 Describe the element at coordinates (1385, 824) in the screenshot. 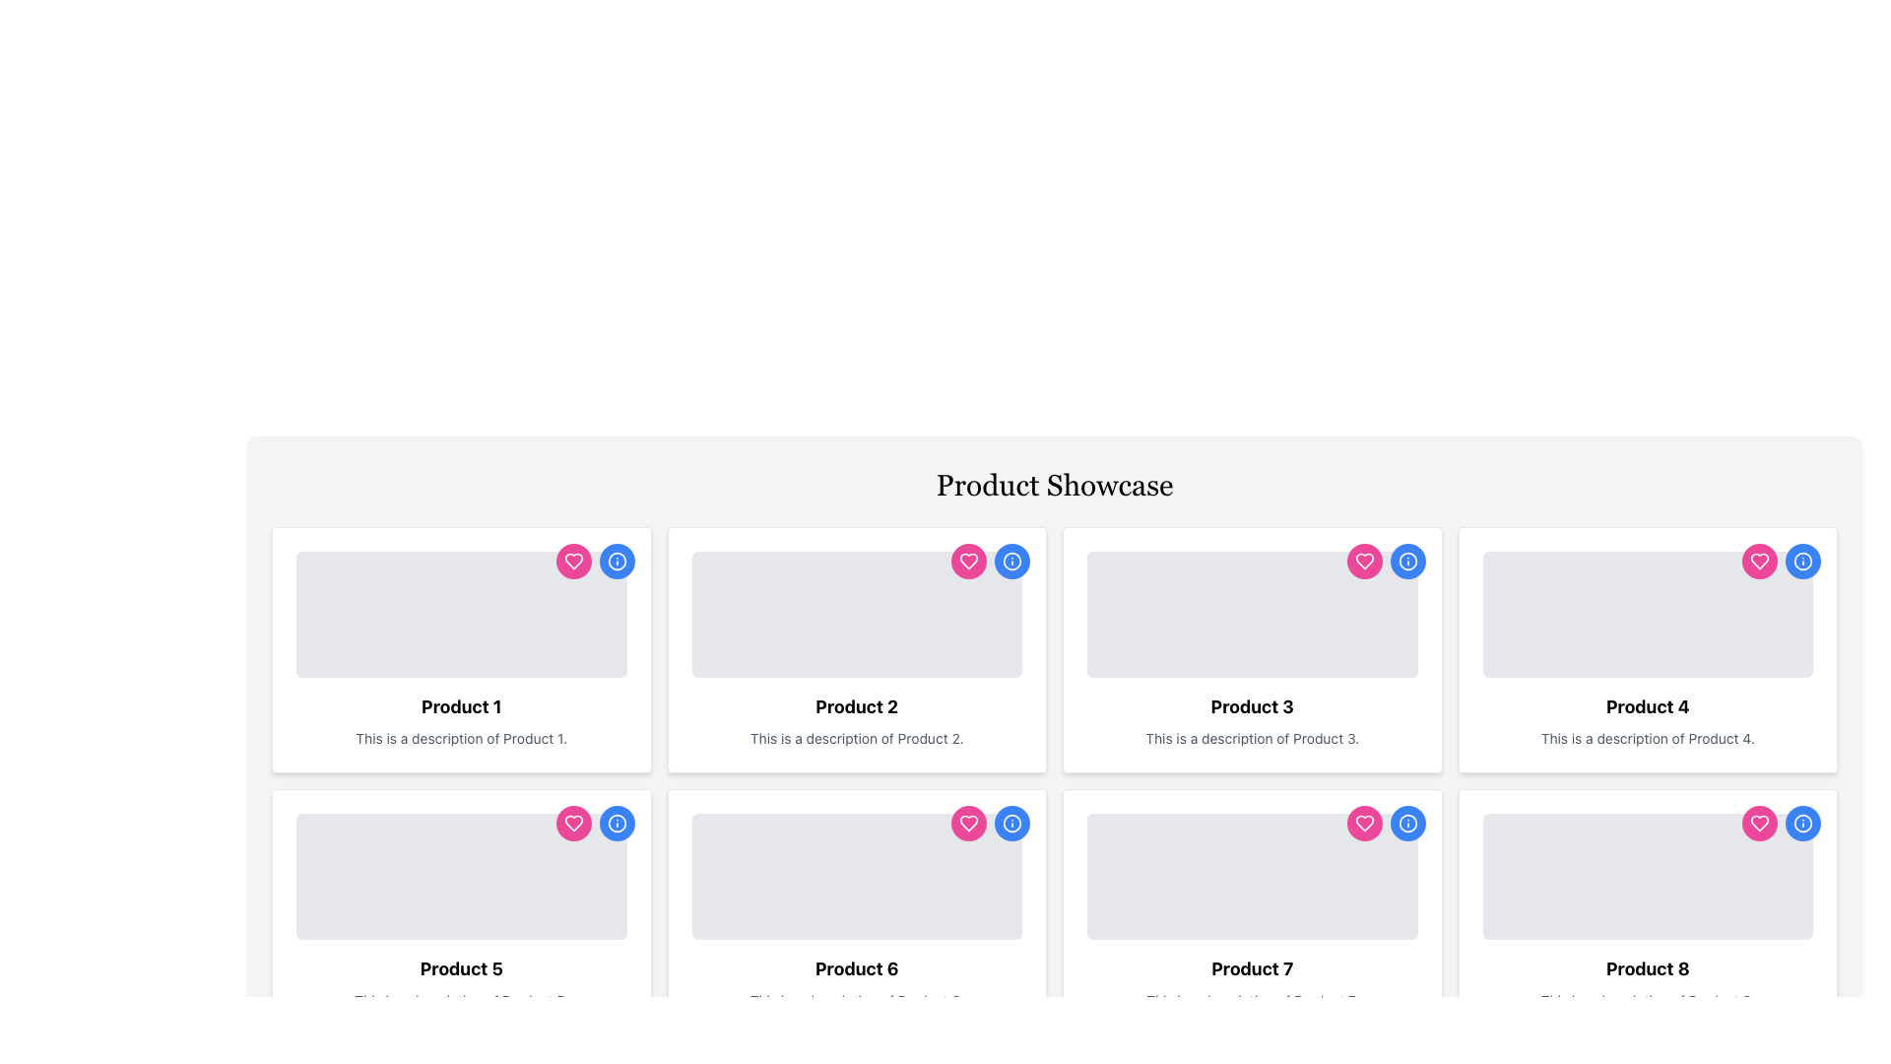

I see `the heart icon on the left button of the A group in the upper-right corner of the 'Product 7' card to like the product` at that location.